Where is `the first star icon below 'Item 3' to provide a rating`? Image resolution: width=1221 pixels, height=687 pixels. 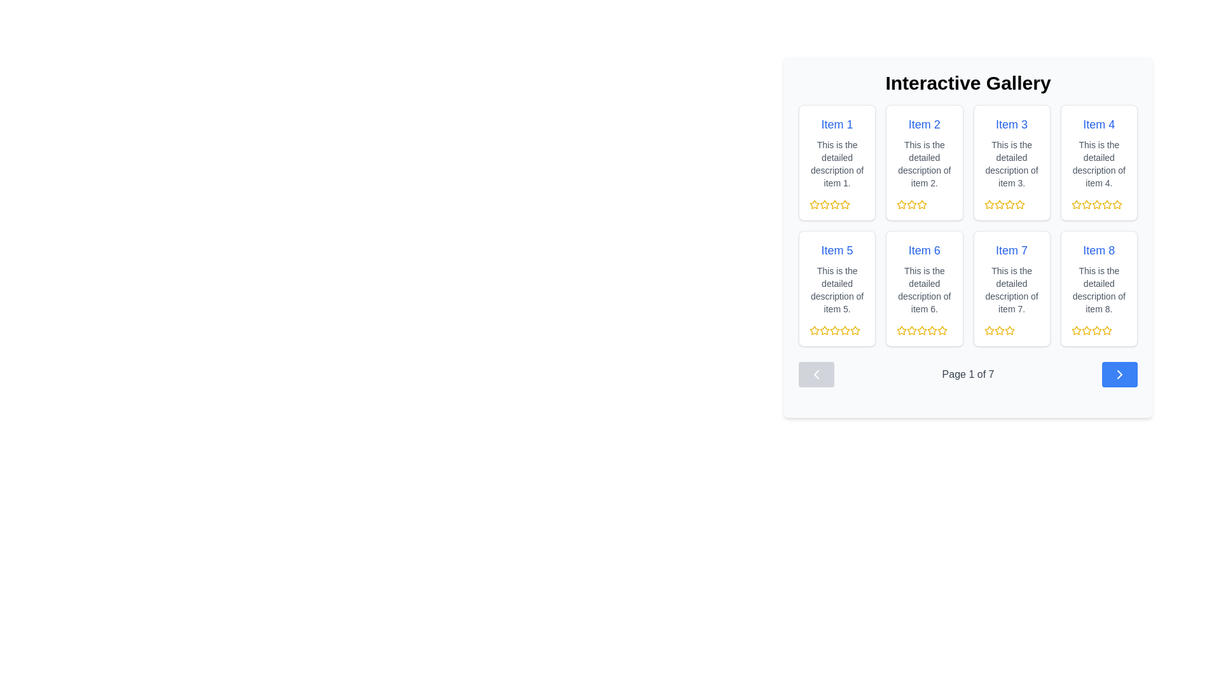
the first star icon below 'Item 3' to provide a rating is located at coordinates (988, 204).